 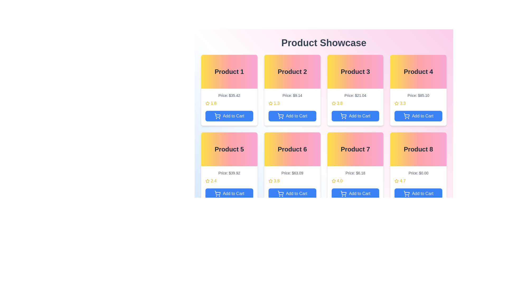 What do you see at coordinates (292, 173) in the screenshot?
I see `the text display that communicates the monetary price of the corresponding product located in the second row, third column of the product grid layout, beneath 'Product 6'` at bounding box center [292, 173].